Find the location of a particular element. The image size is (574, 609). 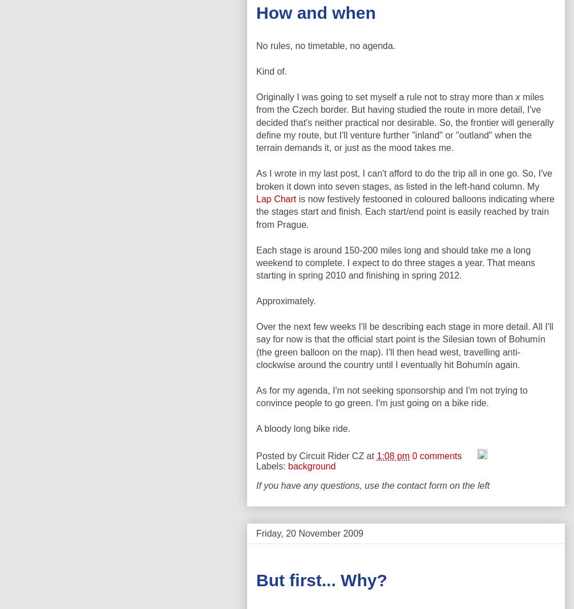

'As I wrote in my last post, I can't afford to do the trip all in one go. So, I've broken it down into seven stages, as listed in the left-hand column. My' is located at coordinates (256, 179).